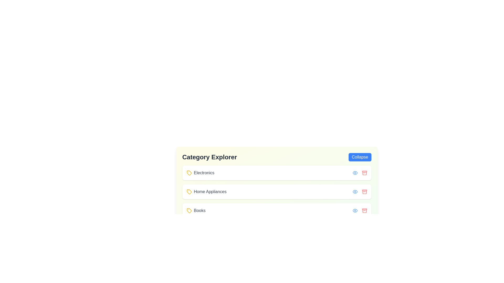  Describe the element at coordinates (359, 210) in the screenshot. I see `the interactive action group containing the blue eye icon and the red archive icon` at that location.